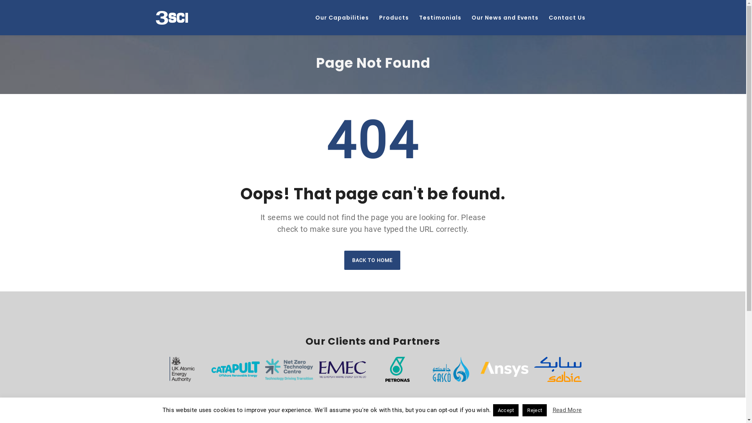  What do you see at coordinates (413, 18) in the screenshot?
I see `'Testimonials'` at bounding box center [413, 18].